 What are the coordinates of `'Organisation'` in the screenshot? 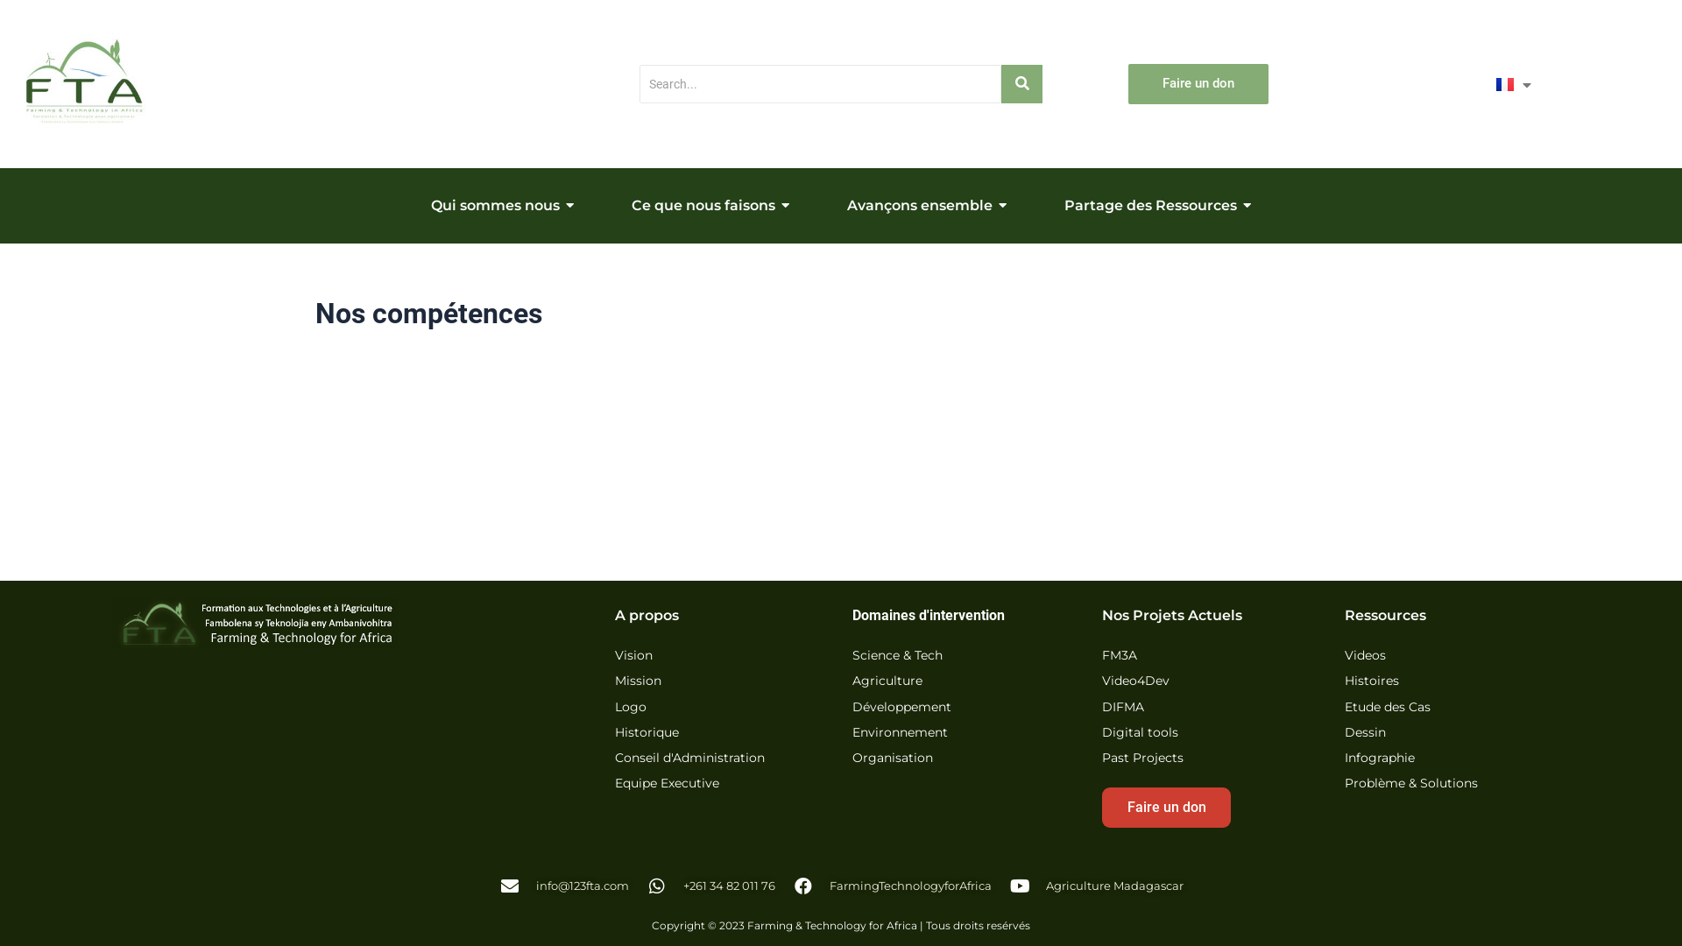 It's located at (892, 758).